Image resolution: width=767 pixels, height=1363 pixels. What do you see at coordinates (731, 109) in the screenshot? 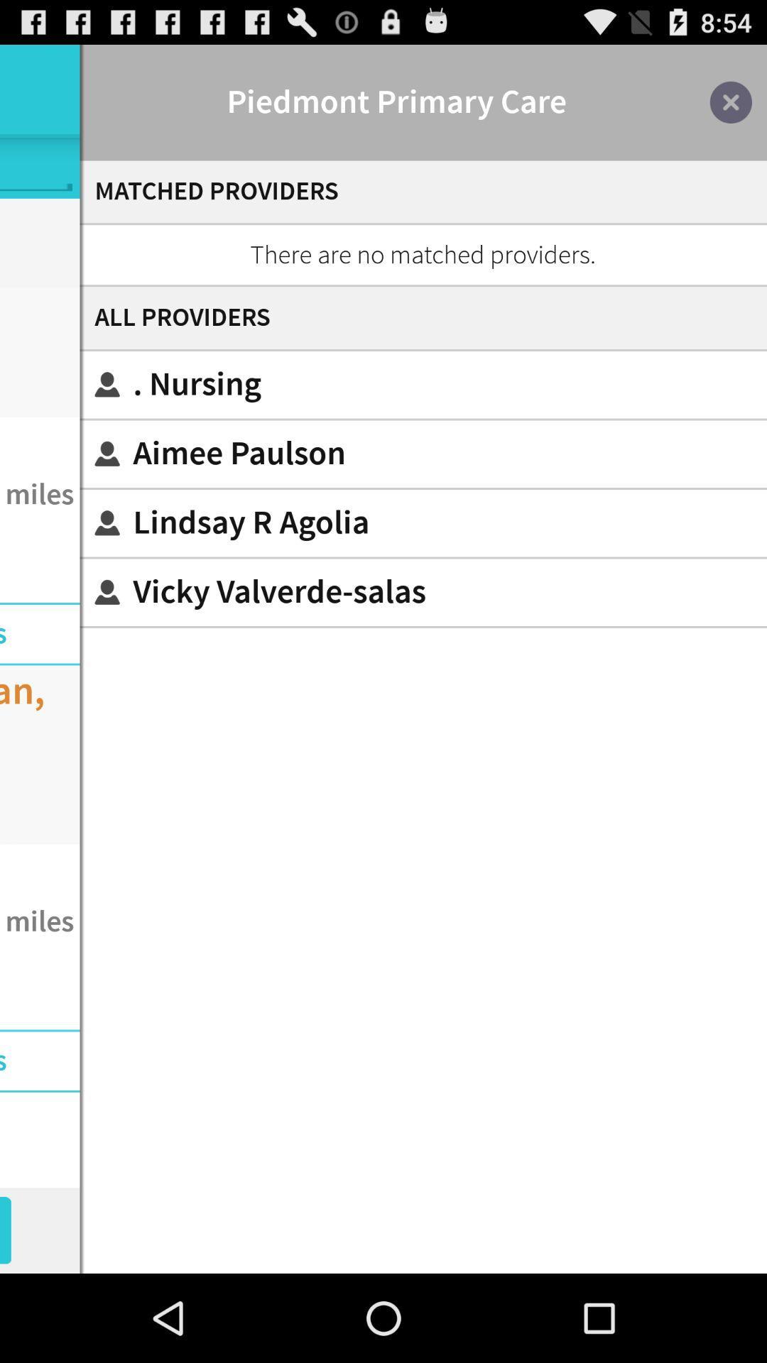
I see `the close icon` at bounding box center [731, 109].